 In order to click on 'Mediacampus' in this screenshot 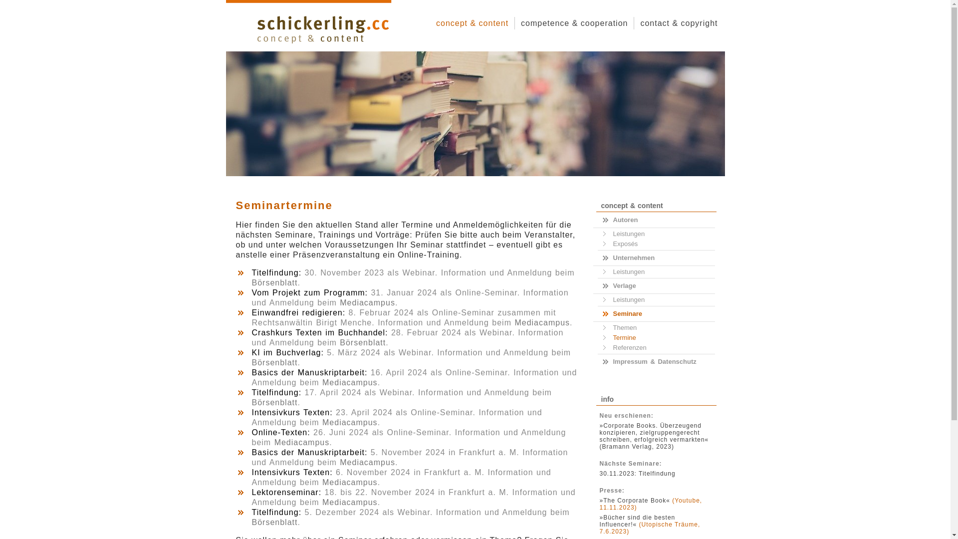, I will do `click(350, 422)`.